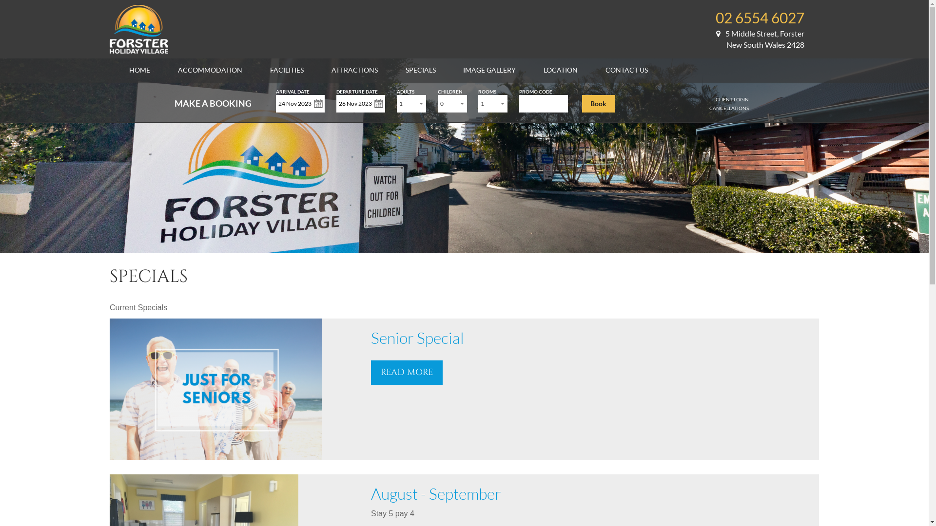 The width and height of the screenshot is (936, 526). Describe the element at coordinates (331, 69) in the screenshot. I see `'ATTRACTIONS'` at that location.